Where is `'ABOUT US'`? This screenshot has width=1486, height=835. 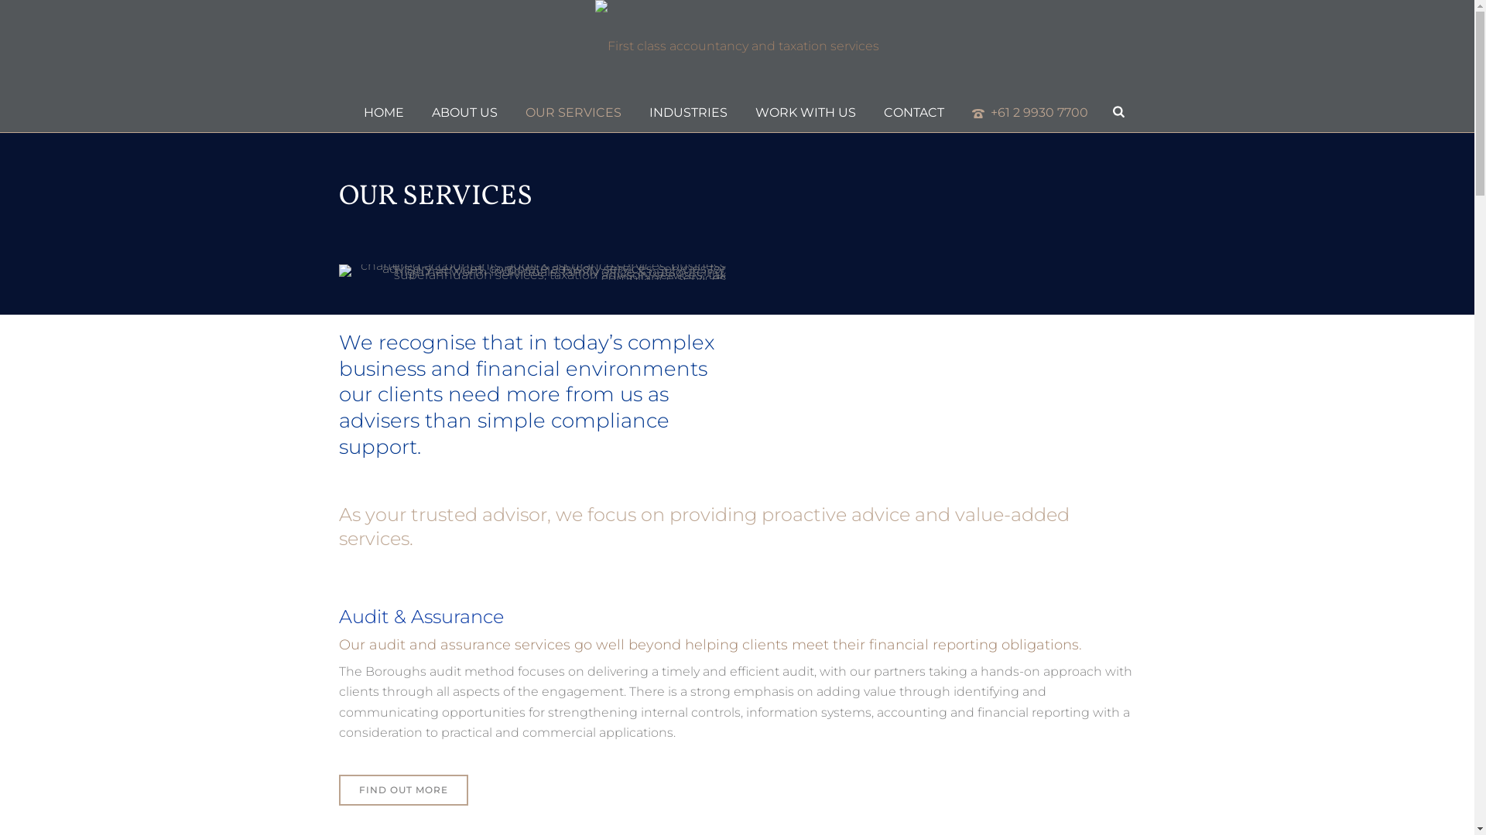 'ABOUT US' is located at coordinates (464, 111).